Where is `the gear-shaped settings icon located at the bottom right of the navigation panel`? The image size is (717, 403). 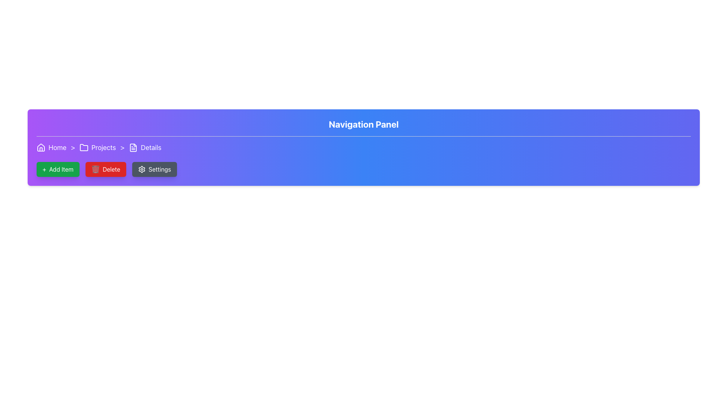 the gear-shaped settings icon located at the bottom right of the navigation panel is located at coordinates (142, 169).